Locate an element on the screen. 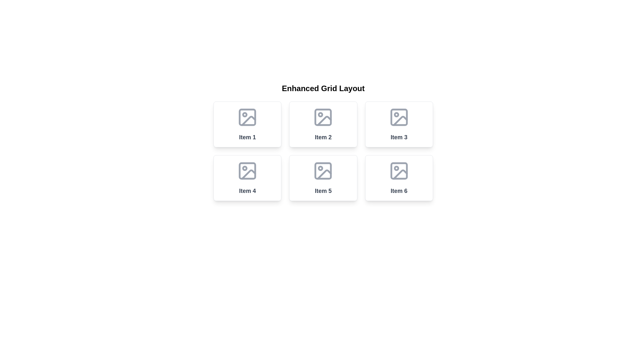 The height and width of the screenshot is (349, 621). the image icon representing 'Item 5' which has a gray outline and a generic image symbol is located at coordinates (323, 170).